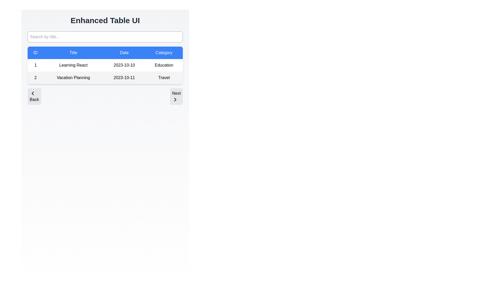 This screenshot has height=281, width=500. Describe the element at coordinates (73, 78) in the screenshot. I see `the 'Vacation Planning' text label located in the second row under the 'Title' column of the table` at that location.